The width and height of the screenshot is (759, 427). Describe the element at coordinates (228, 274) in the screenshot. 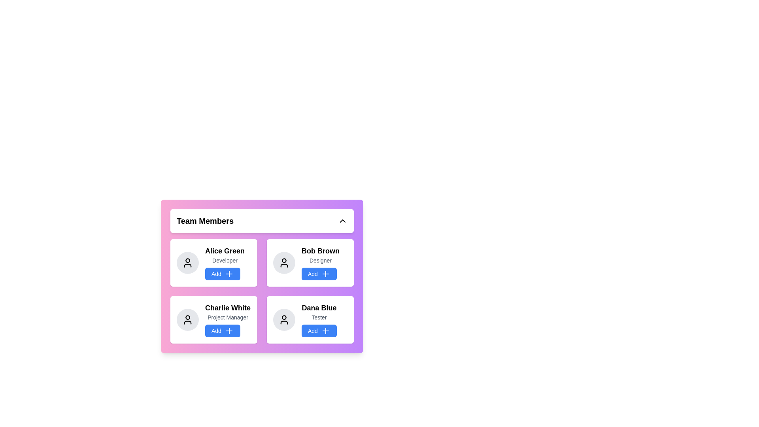

I see `the blue circular '+' icon located at the end of the 'Add' button in the top-left card titled 'Alice Green - Developer' to potentially display a tooltip` at that location.